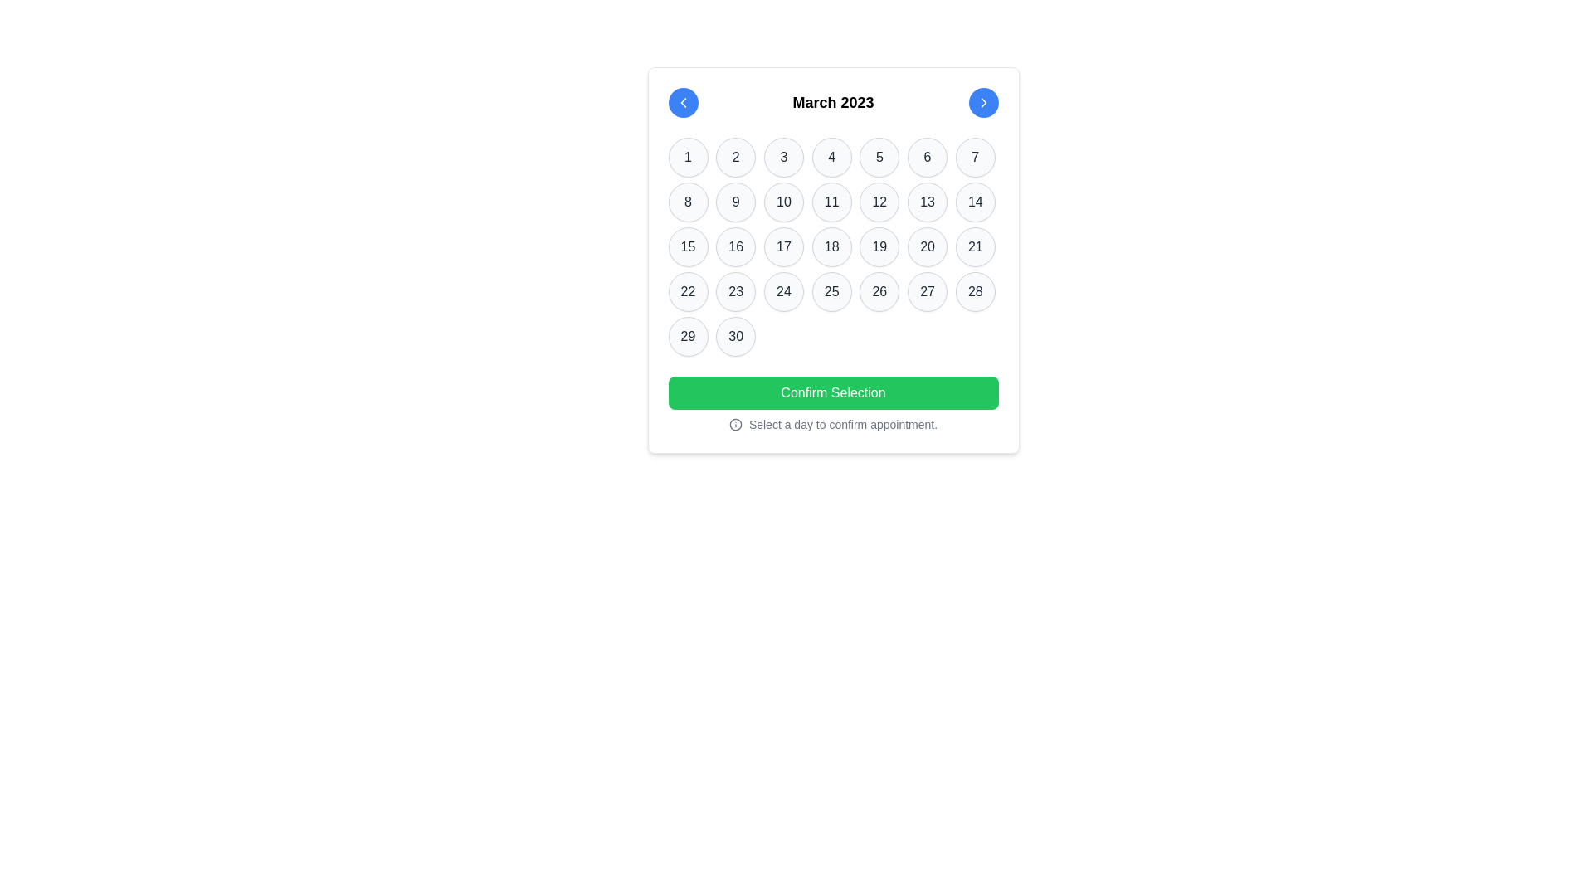 The image size is (1593, 896). I want to click on the 'next' button icon located in the top-right corner of the calendar interface, so click(983, 102).